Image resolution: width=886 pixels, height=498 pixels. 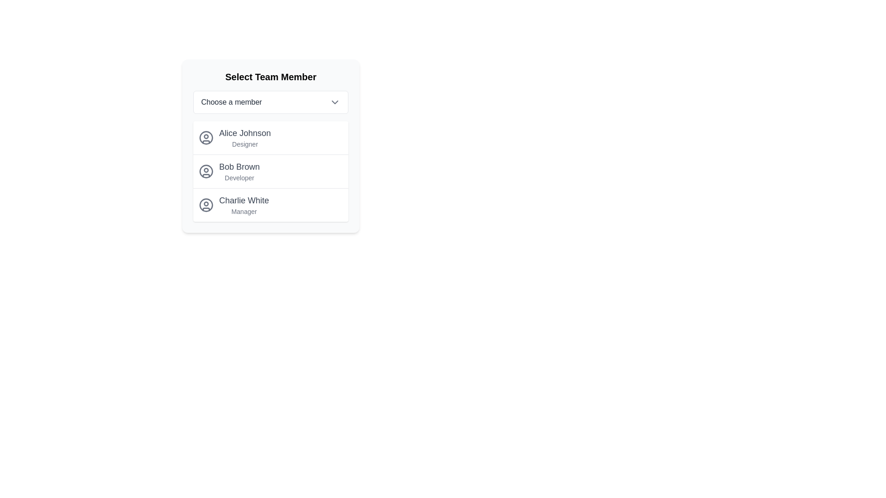 What do you see at coordinates (205, 138) in the screenshot?
I see `the user profile avatar icon representing 'Alice Johnson', which is the first item in the vertical list of user profiles in the dropdown dialog` at bounding box center [205, 138].